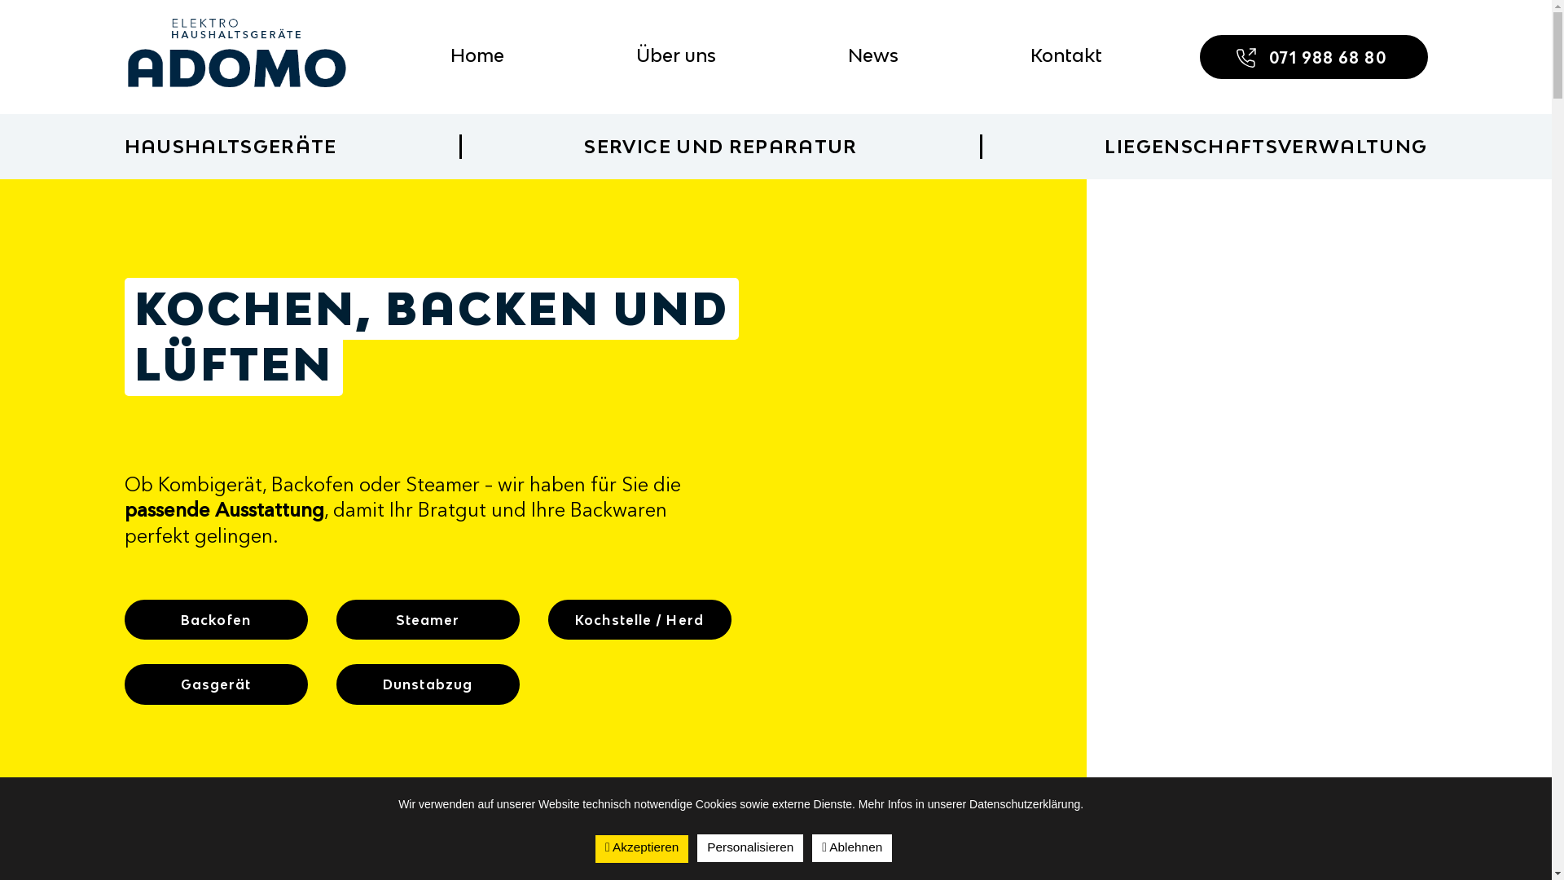  What do you see at coordinates (719, 147) in the screenshot?
I see `'SERVICE UND REPARATUR'` at bounding box center [719, 147].